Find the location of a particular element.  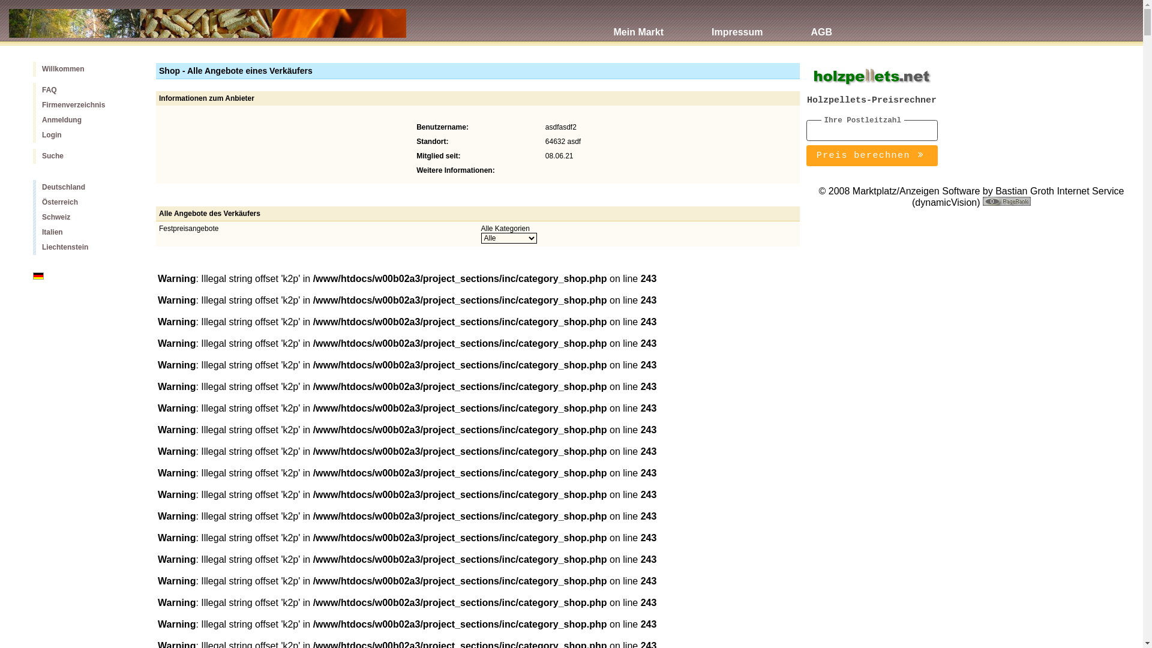

'Firmenverzeichnis' is located at coordinates (85, 104).